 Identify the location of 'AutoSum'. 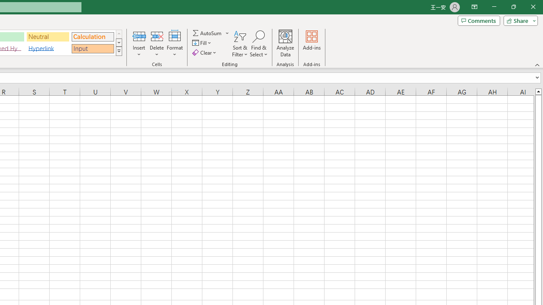
(211, 33).